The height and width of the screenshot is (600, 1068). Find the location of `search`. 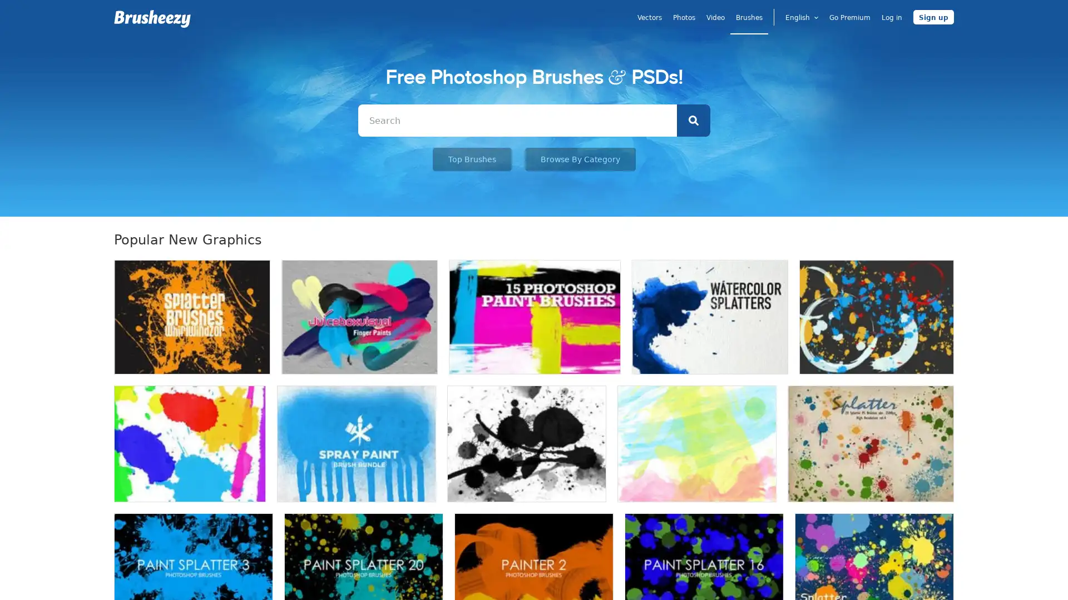

search is located at coordinates (693, 120).